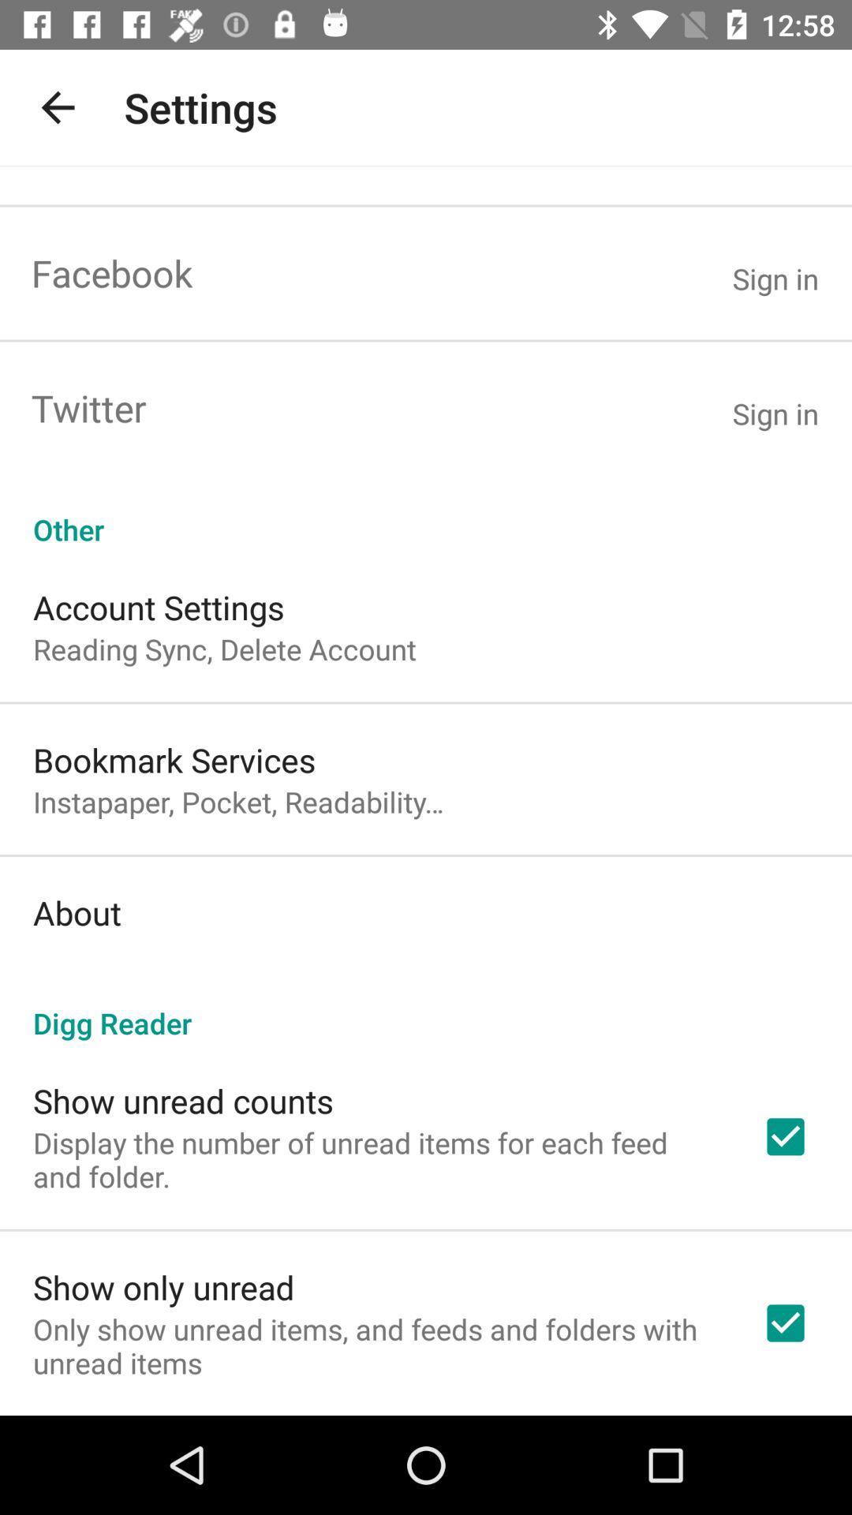 This screenshot has height=1515, width=852. I want to click on the facebook item, so click(111, 273).